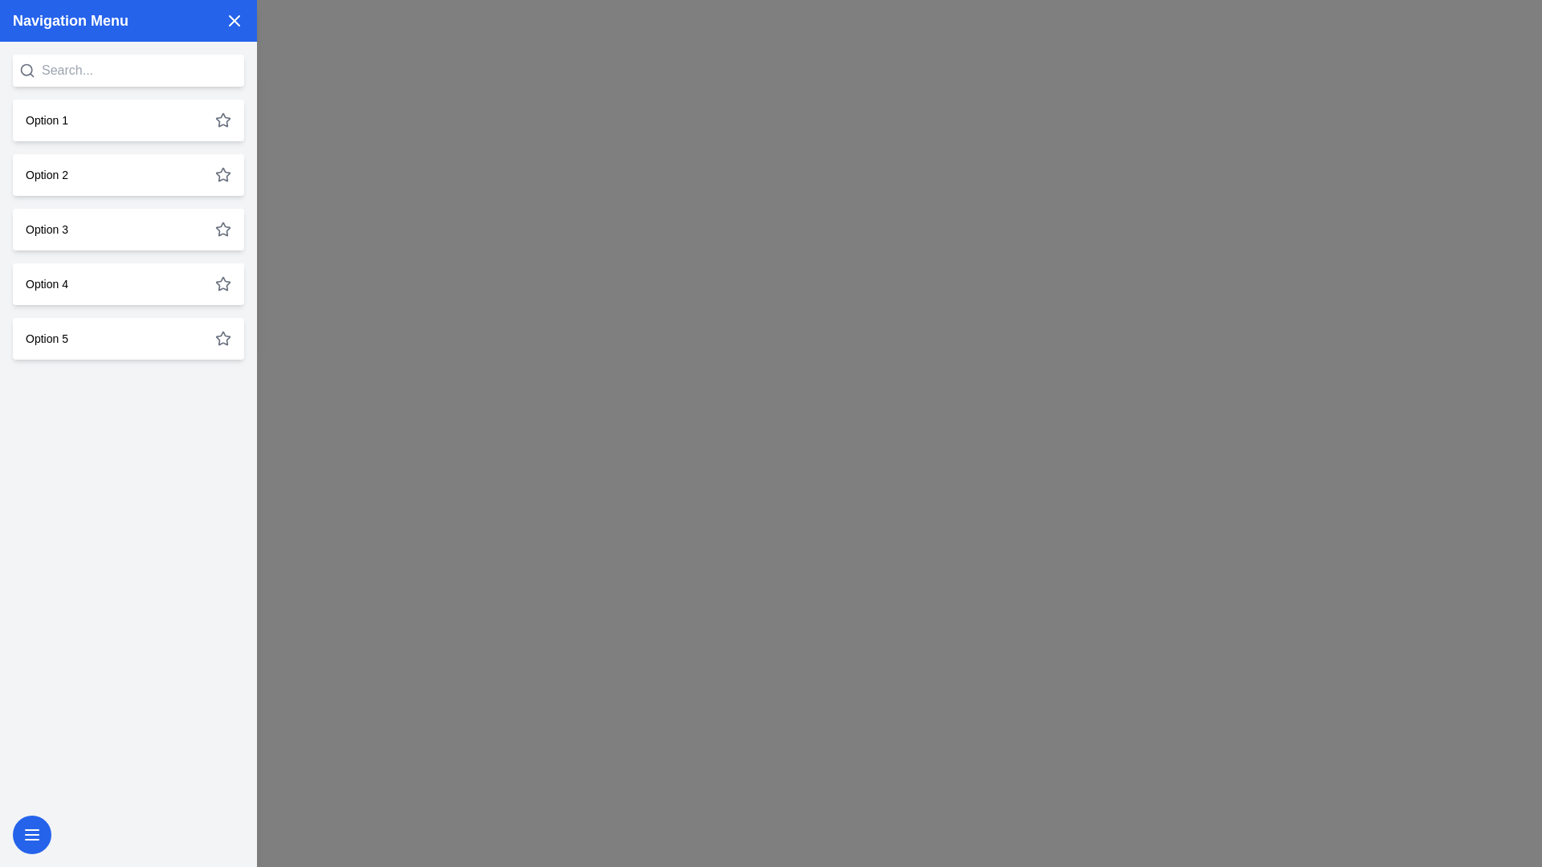 The width and height of the screenshot is (1542, 867). What do you see at coordinates (234, 21) in the screenshot?
I see `the 'X' shaped close button icon located at the top-right corner of the navigation header bar` at bounding box center [234, 21].